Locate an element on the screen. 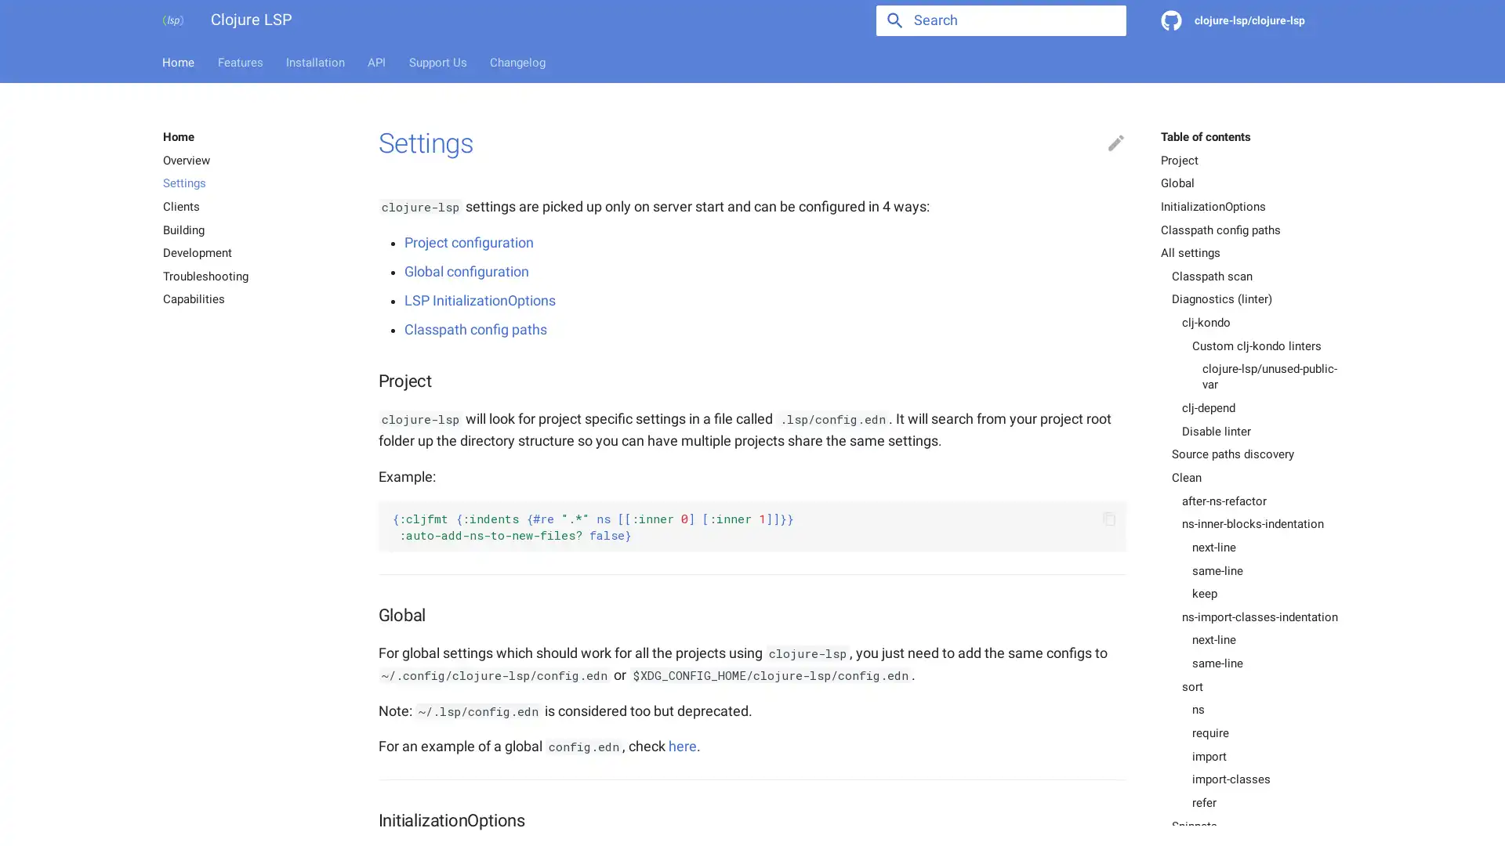 The width and height of the screenshot is (1505, 846). Clear is located at coordinates (1106, 20).